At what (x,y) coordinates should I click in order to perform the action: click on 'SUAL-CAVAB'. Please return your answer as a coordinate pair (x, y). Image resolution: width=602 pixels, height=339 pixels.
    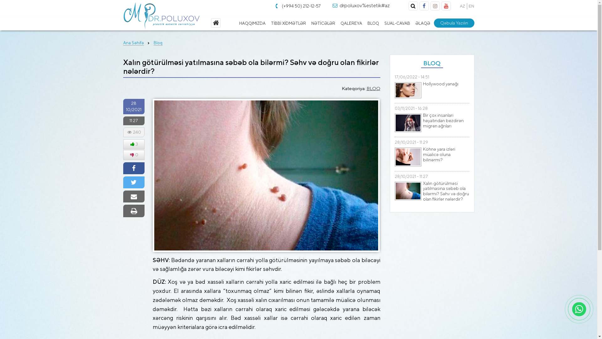
    Looking at the image, I should click on (397, 23).